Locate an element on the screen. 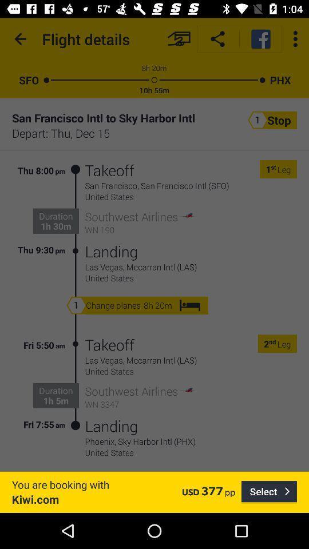 This screenshot has height=549, width=309. item next to the flight details icon is located at coordinates (179, 39).